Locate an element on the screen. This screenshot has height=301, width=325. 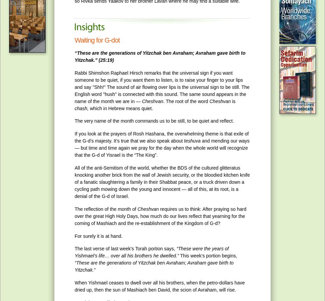
'For surely it is at hand.' is located at coordinates (98, 235).